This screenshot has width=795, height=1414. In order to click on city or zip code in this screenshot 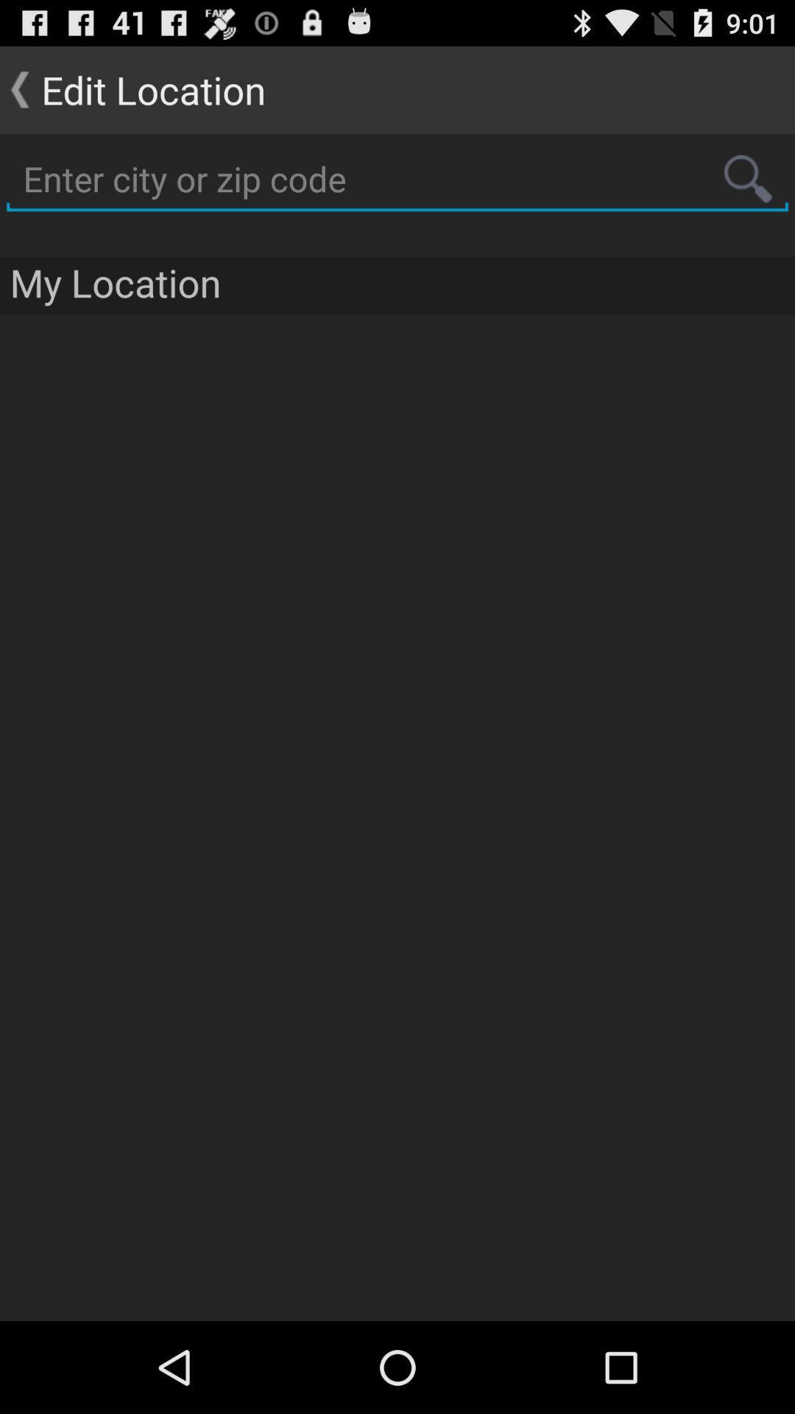, I will do `click(397, 179)`.